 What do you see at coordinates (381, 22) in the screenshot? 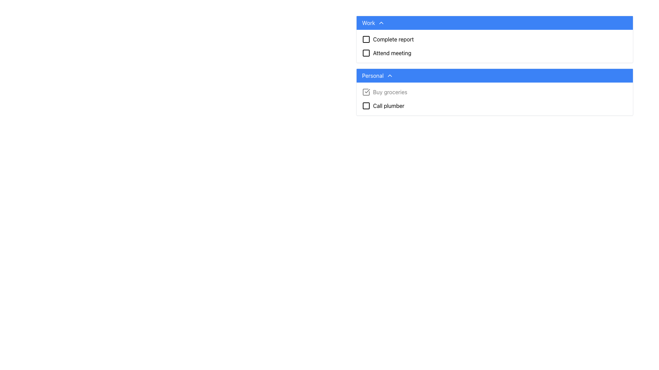
I see `the Chevron icon located within the blue horizontal bar labeled 'Work'` at bounding box center [381, 22].